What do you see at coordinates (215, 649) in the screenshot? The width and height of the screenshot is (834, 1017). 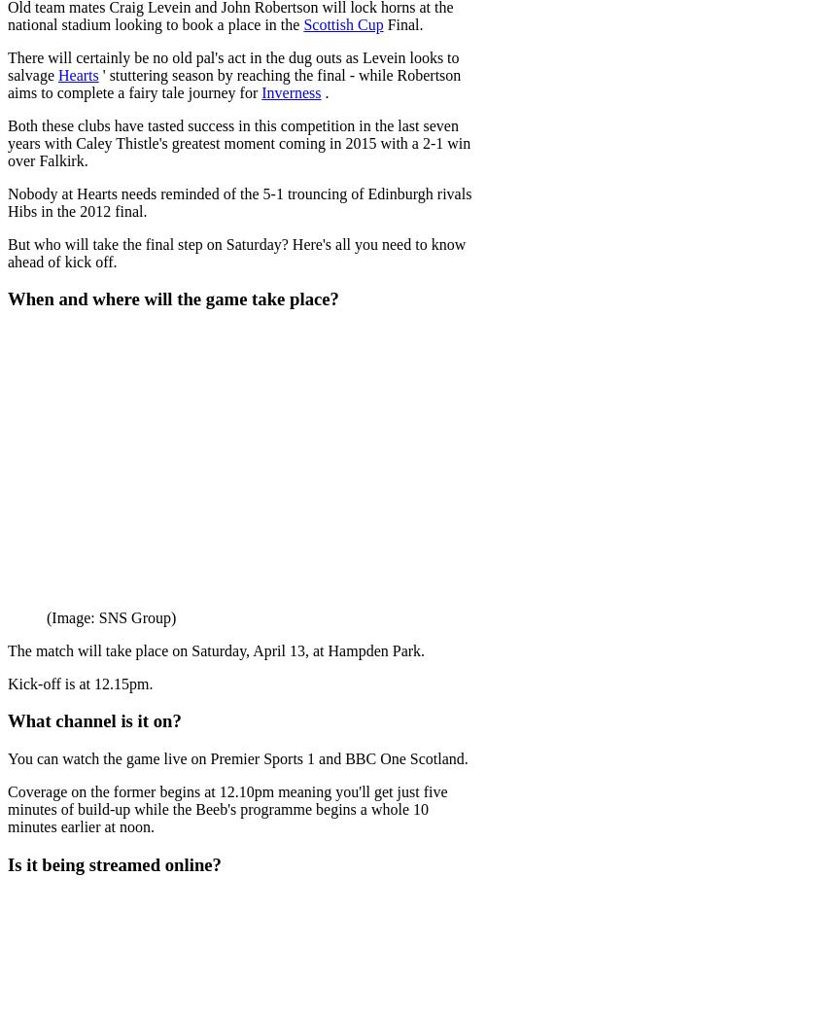 I see `'The match will take place on Saturday, April 13, at Hampden Park.'` at bounding box center [215, 649].